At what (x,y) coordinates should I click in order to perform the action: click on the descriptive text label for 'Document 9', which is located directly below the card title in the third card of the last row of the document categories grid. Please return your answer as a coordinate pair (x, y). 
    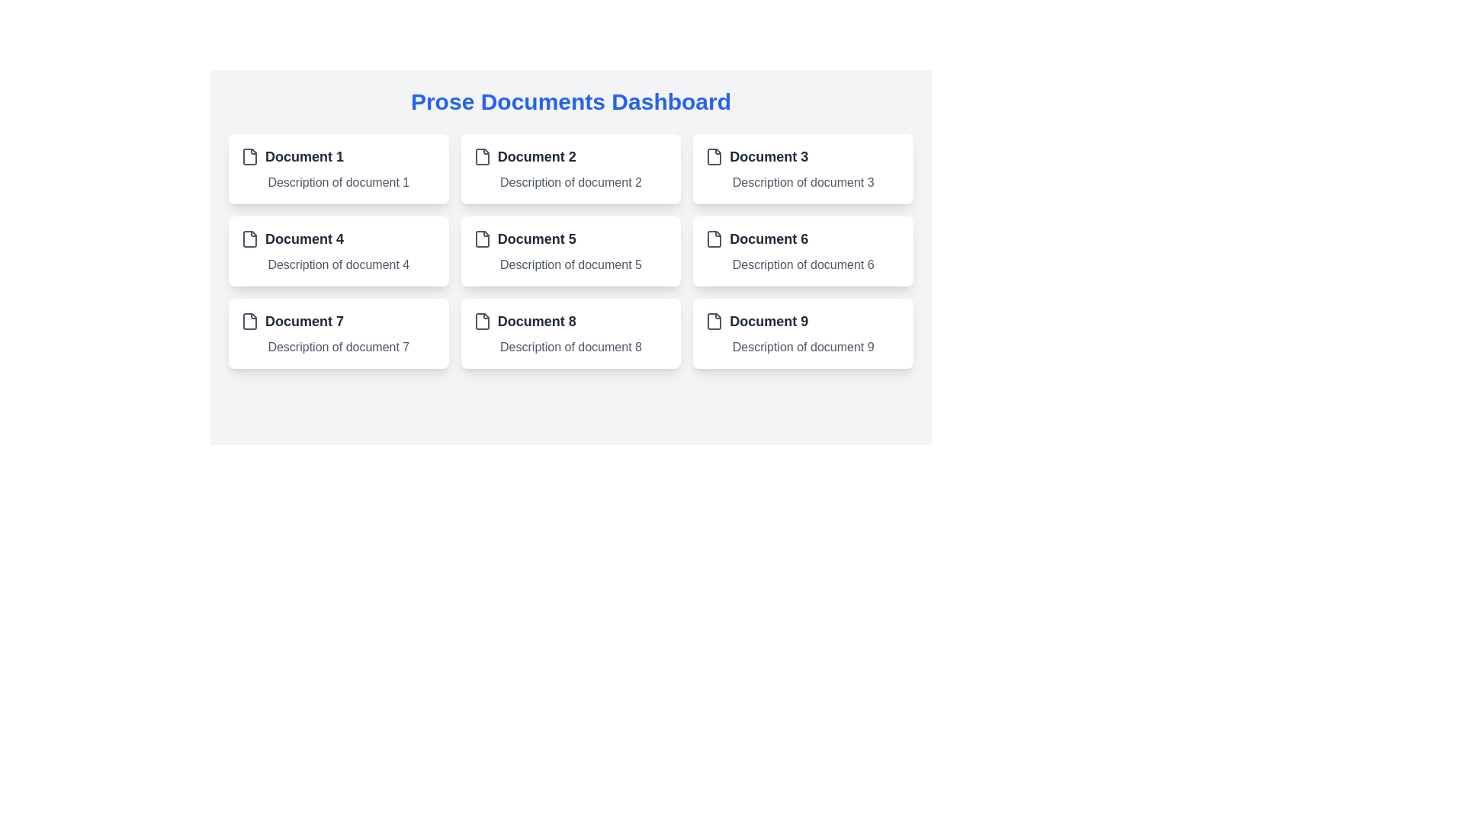
    Looking at the image, I should click on (802, 347).